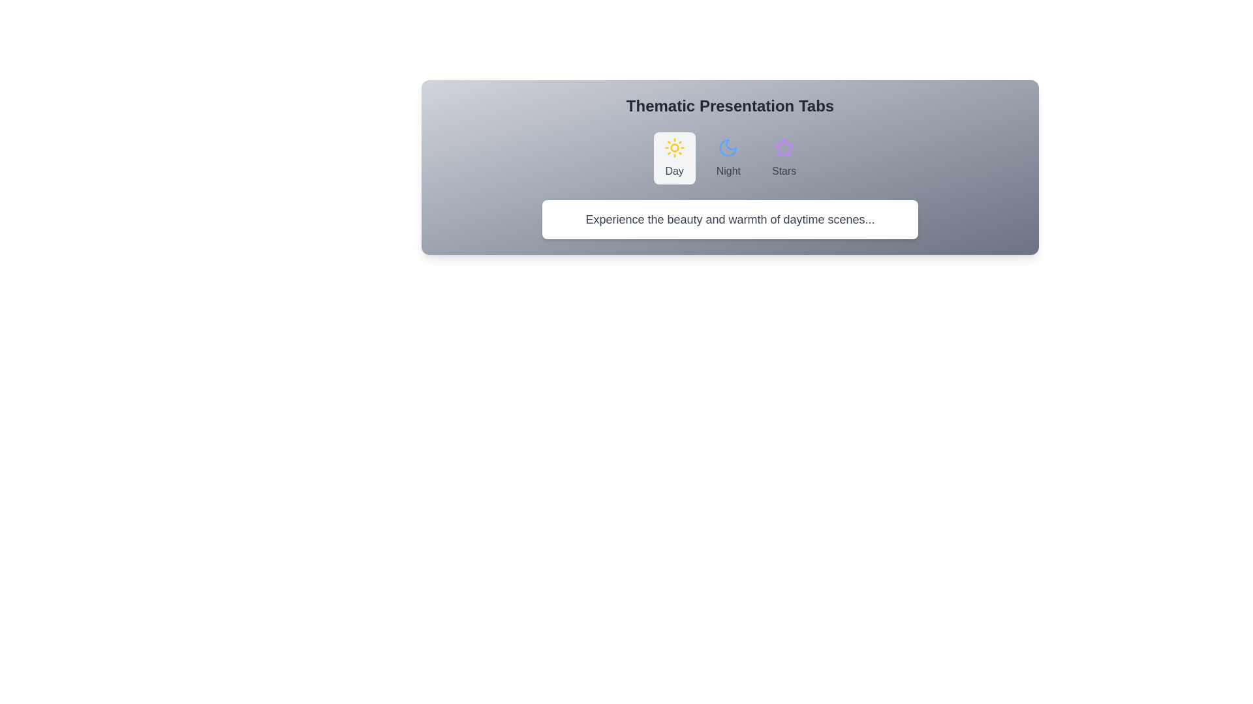 This screenshot has height=704, width=1253. Describe the element at coordinates (783, 158) in the screenshot. I see `the tab labeled Stars` at that location.